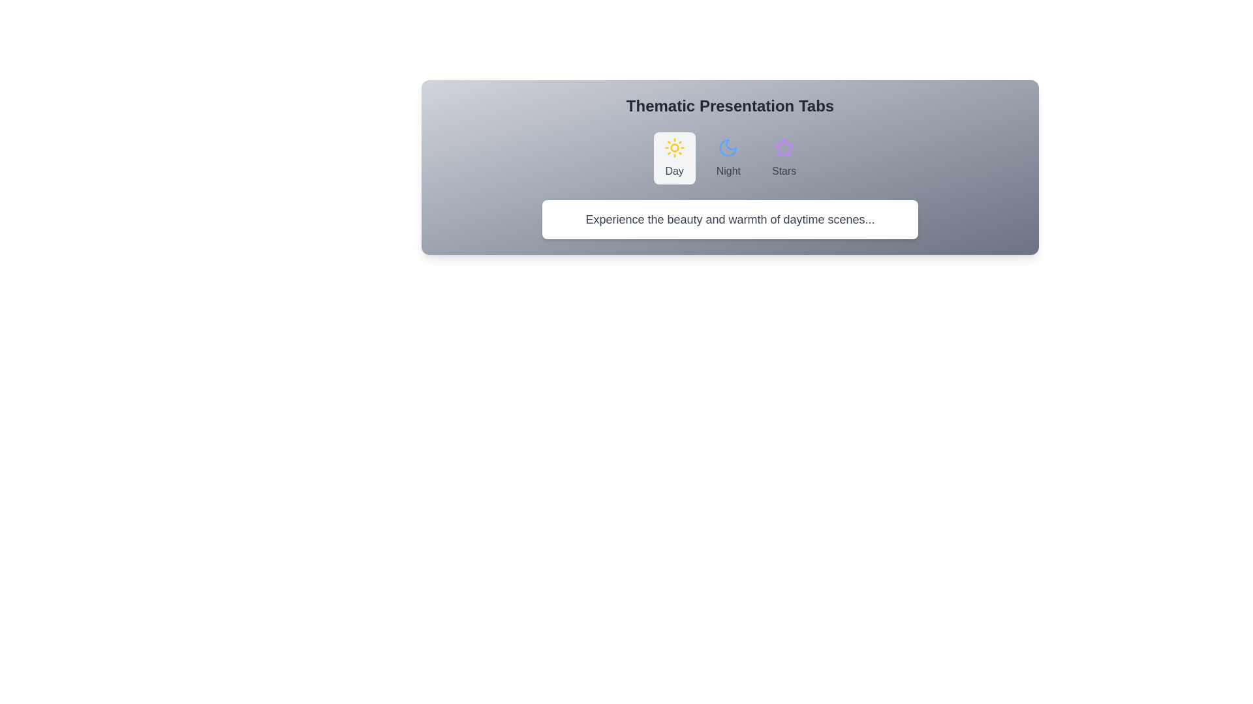 This screenshot has height=704, width=1253. Describe the element at coordinates (783, 158) in the screenshot. I see `the tab labeled Stars` at that location.